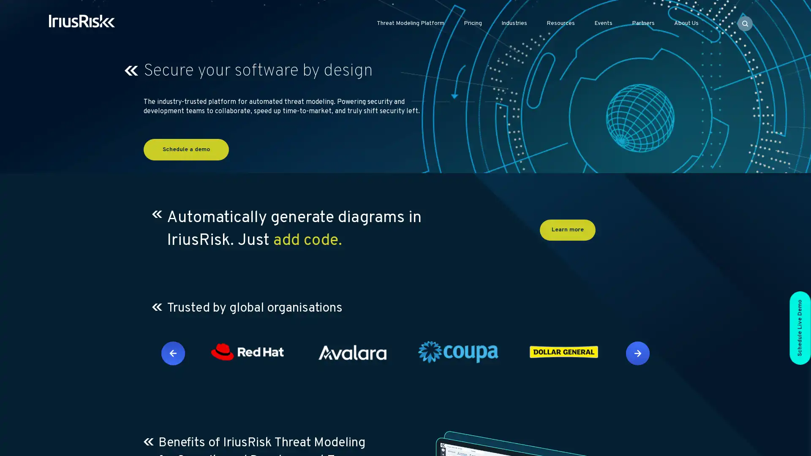 The width and height of the screenshot is (811, 456). What do you see at coordinates (638, 355) in the screenshot?
I see `Next slide` at bounding box center [638, 355].